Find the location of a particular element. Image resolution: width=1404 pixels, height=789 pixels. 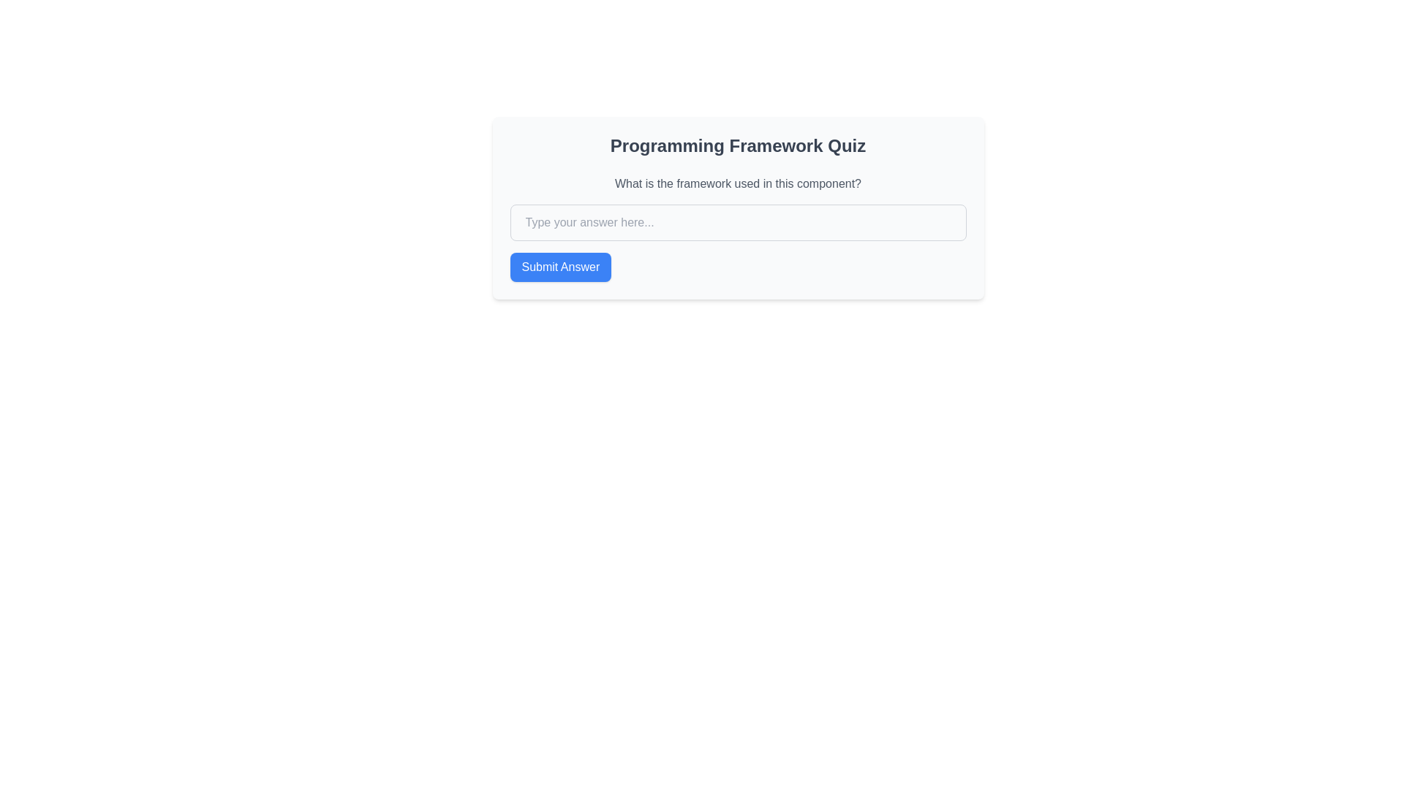

the rectangular blue button with the text 'Submit Answer' to observe its hover effects is located at coordinates (559, 267).